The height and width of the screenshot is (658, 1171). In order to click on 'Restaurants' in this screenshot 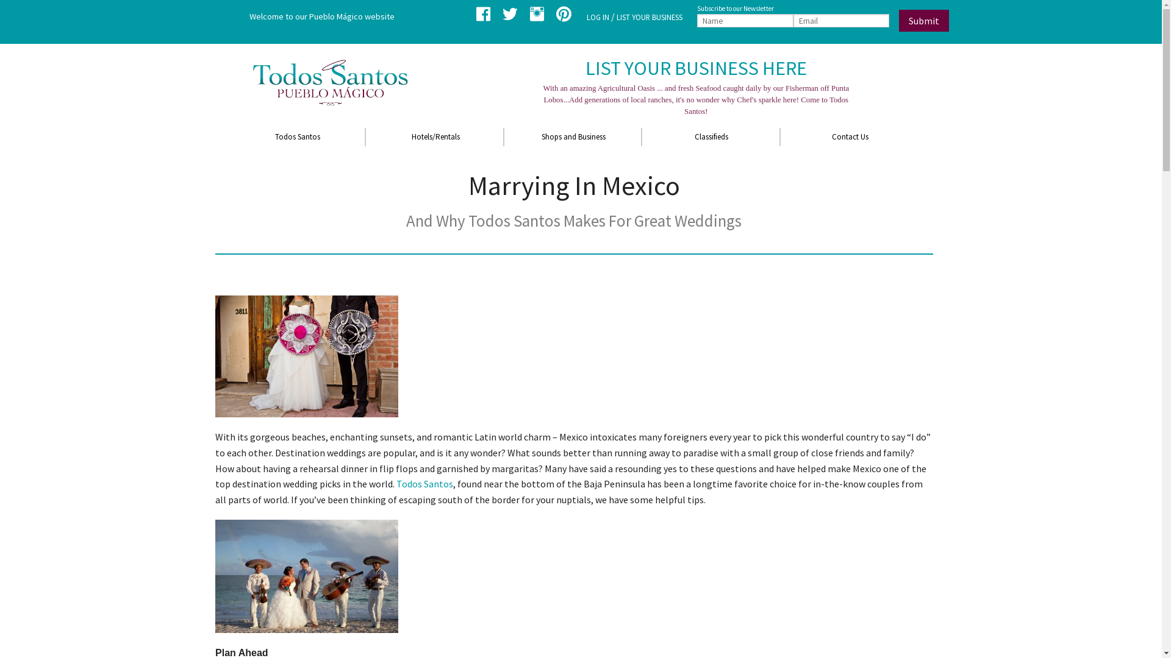, I will do `click(506, 155)`.